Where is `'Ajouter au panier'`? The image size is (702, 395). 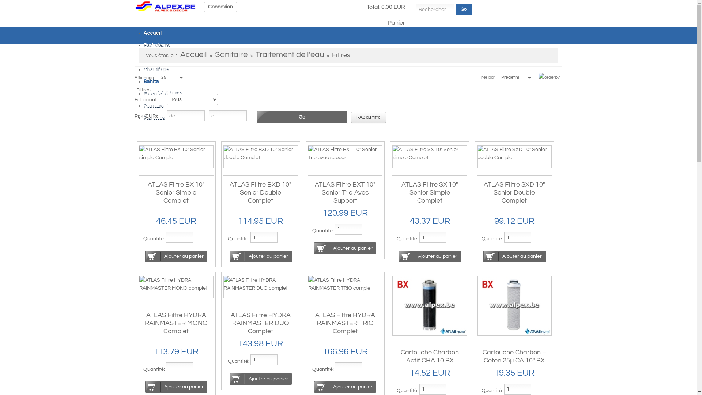 'Ajouter au panier' is located at coordinates (145, 256).